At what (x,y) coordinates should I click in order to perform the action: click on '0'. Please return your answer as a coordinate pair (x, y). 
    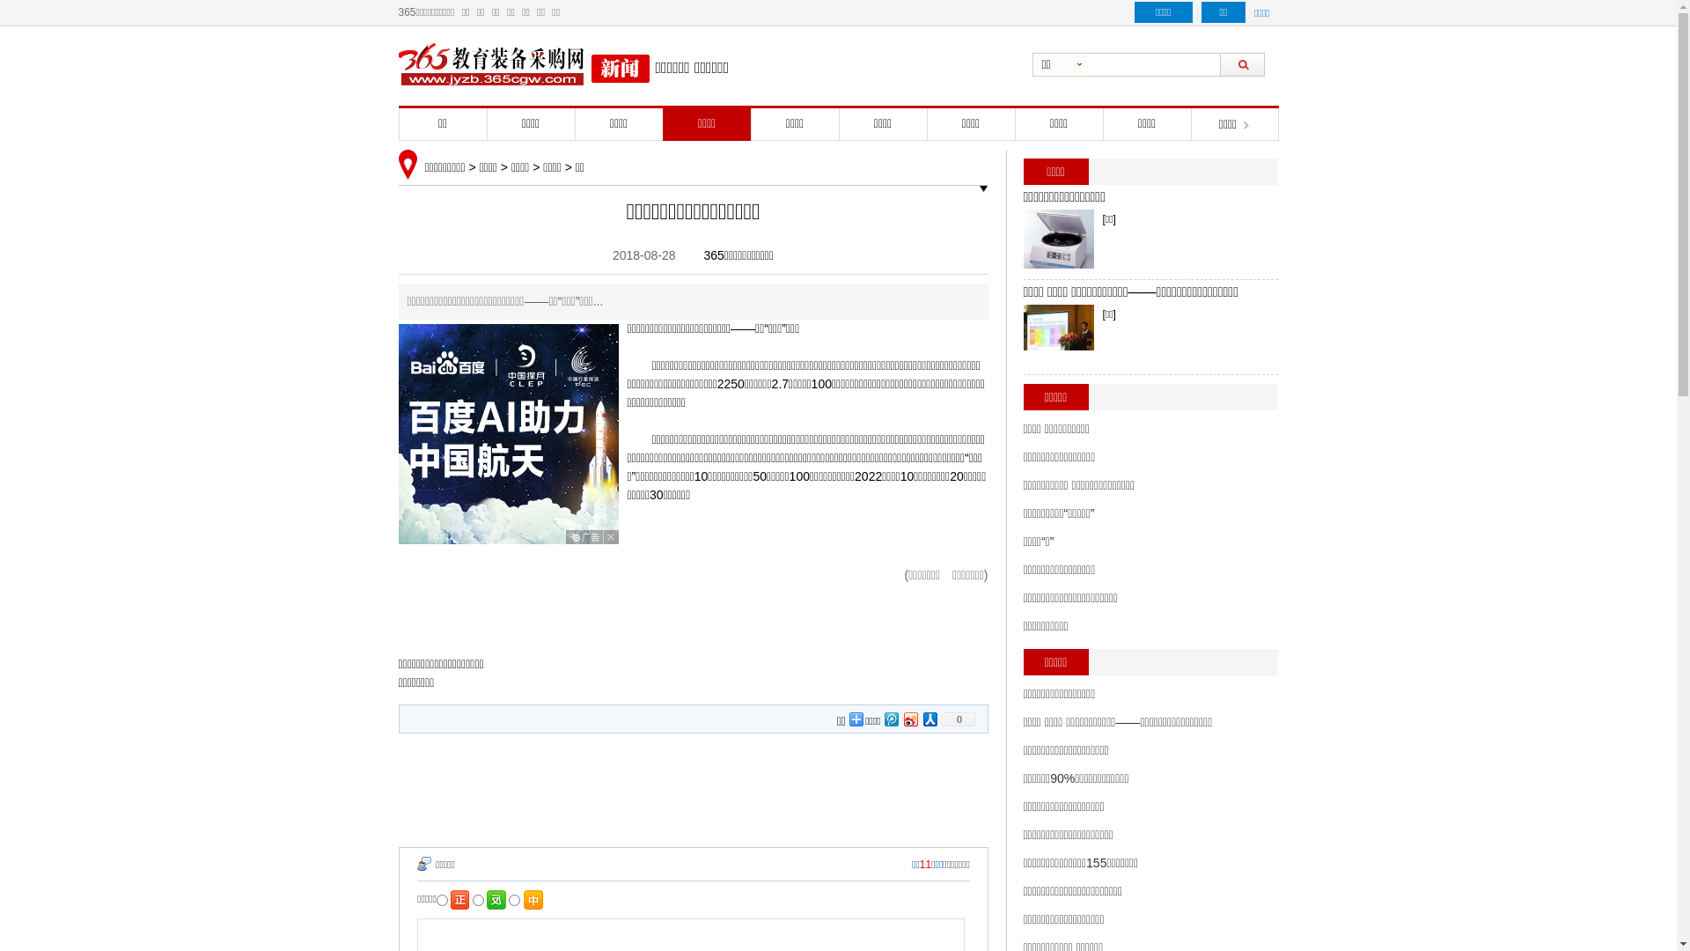
    Looking at the image, I should click on (955, 719).